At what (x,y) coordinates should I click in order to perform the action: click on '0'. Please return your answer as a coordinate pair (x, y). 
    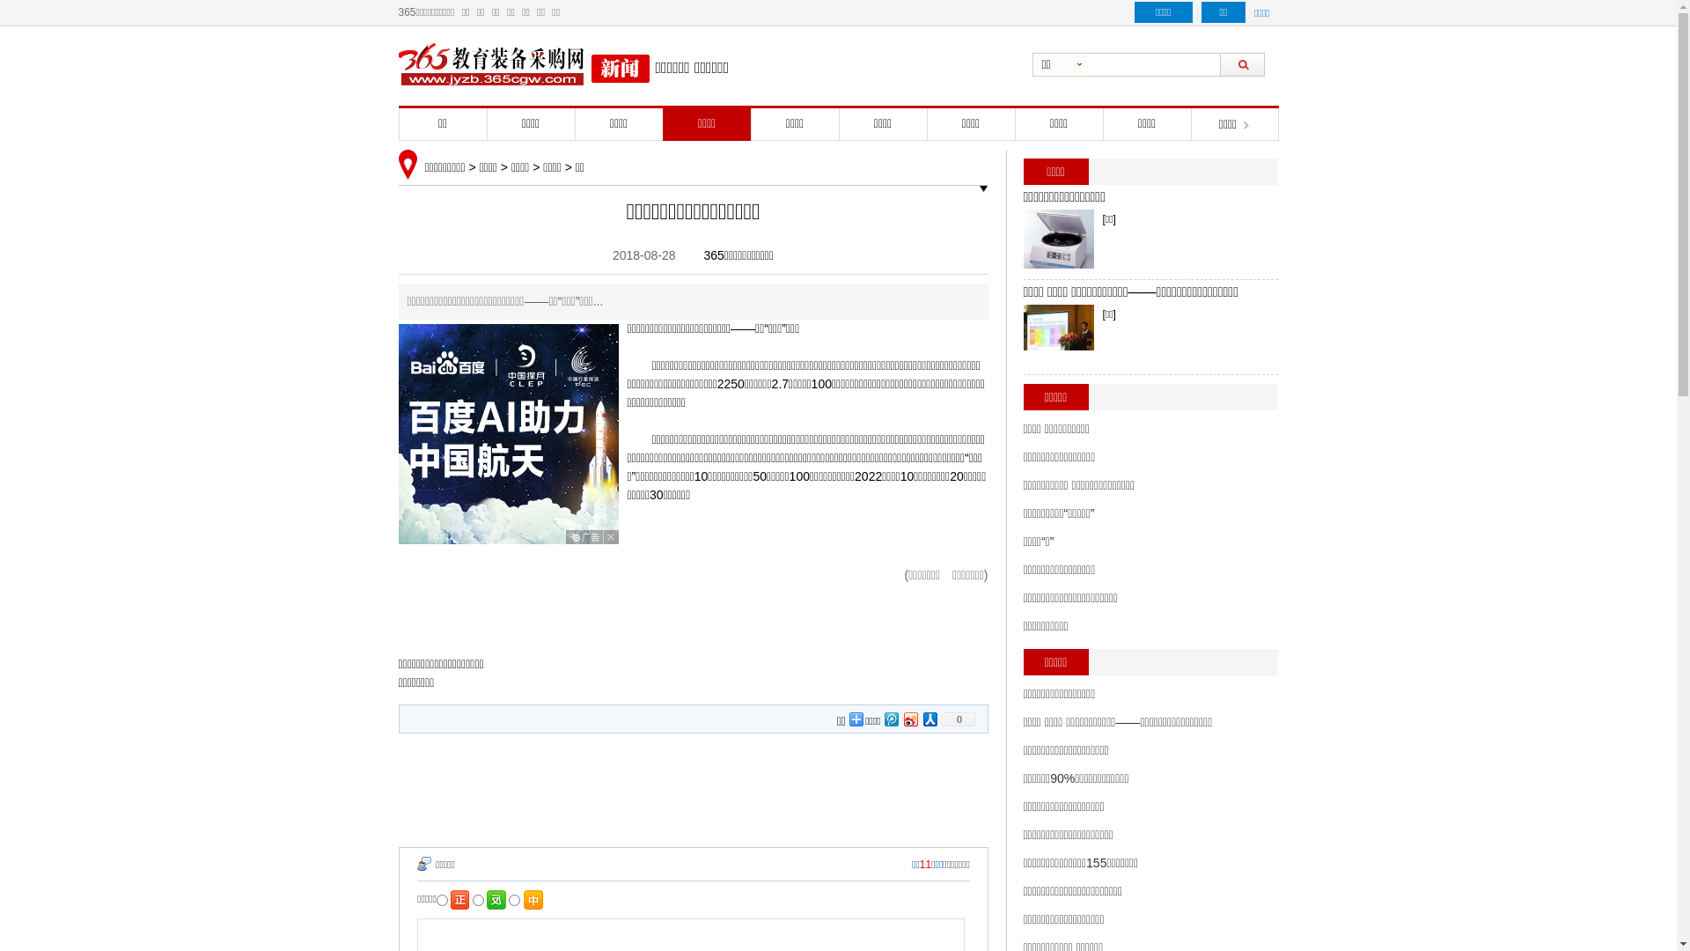
    Looking at the image, I should click on (955, 719).